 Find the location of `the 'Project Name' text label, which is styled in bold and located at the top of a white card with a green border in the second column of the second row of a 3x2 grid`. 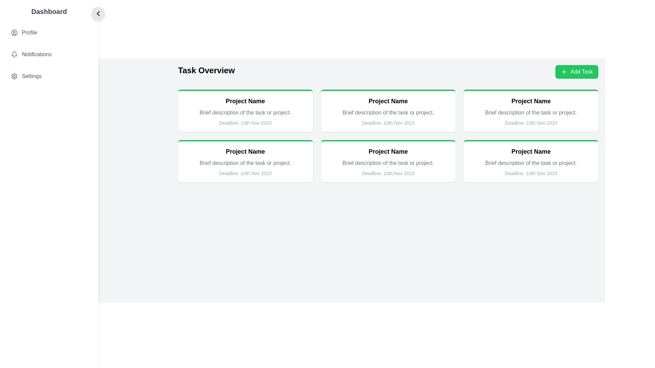

the 'Project Name' text label, which is styled in bold and located at the top of a white card with a green border in the second column of the second row of a 3x2 grid is located at coordinates (388, 151).